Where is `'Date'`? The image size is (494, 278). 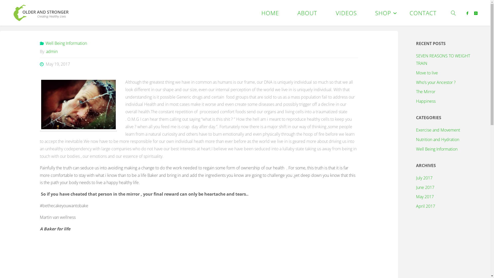
'Date' is located at coordinates (42, 64).